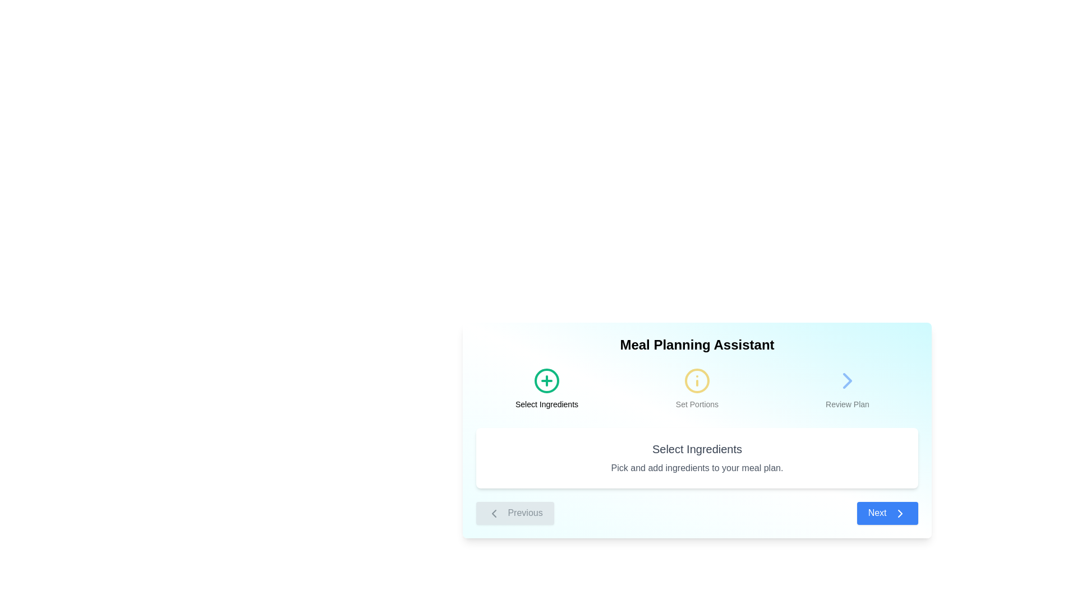 The width and height of the screenshot is (1077, 605). What do you see at coordinates (546, 380) in the screenshot?
I see `the interactive button used for adding or selecting ingredients in the meal planning interface, located at the top-center of the 'Select Ingredients' segment` at bounding box center [546, 380].